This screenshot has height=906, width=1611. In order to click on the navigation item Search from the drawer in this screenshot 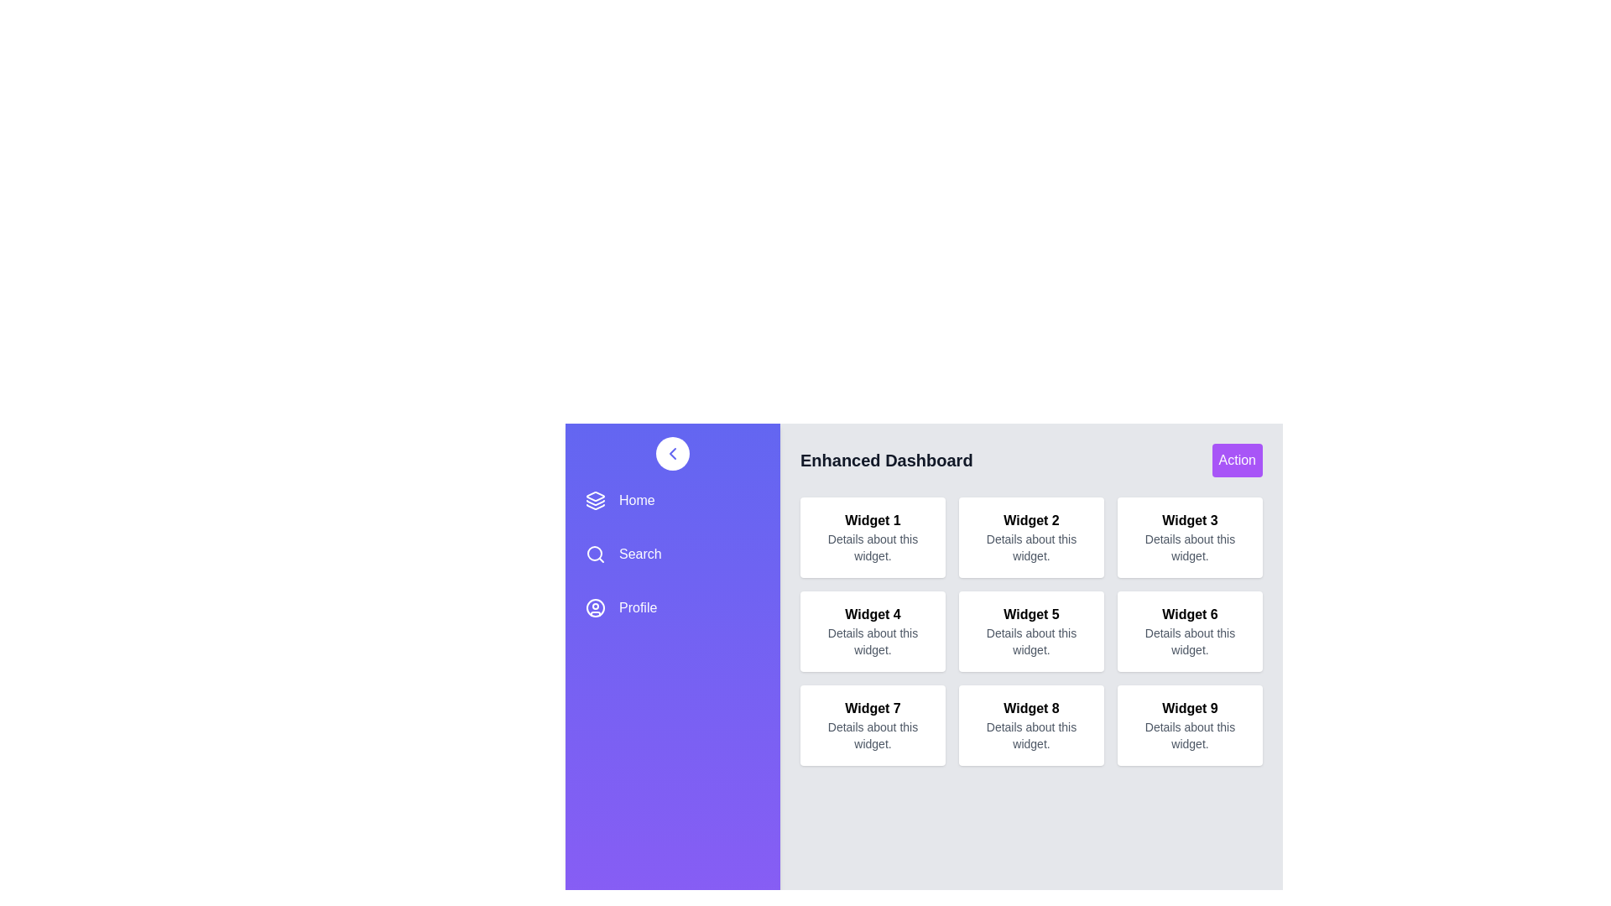, I will do `click(672, 554)`.